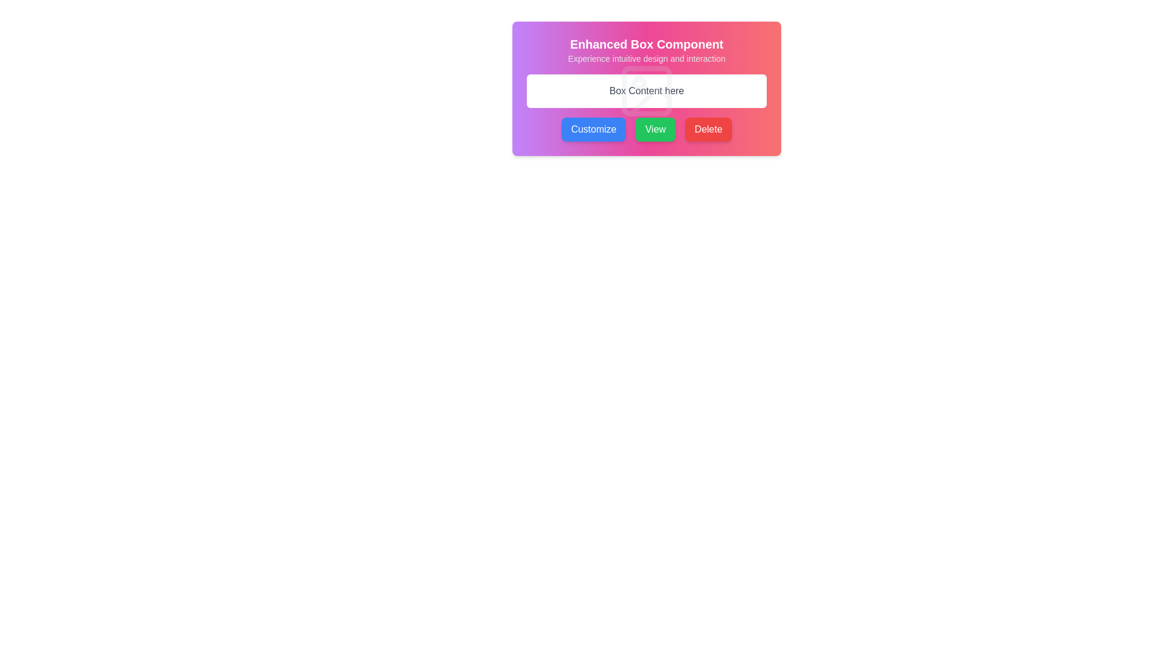  I want to click on the 'Customize' button, which is the leftmost button in a trio, featuring white text on a blue background with rounded corners and a shadow effect, so click(593, 130).